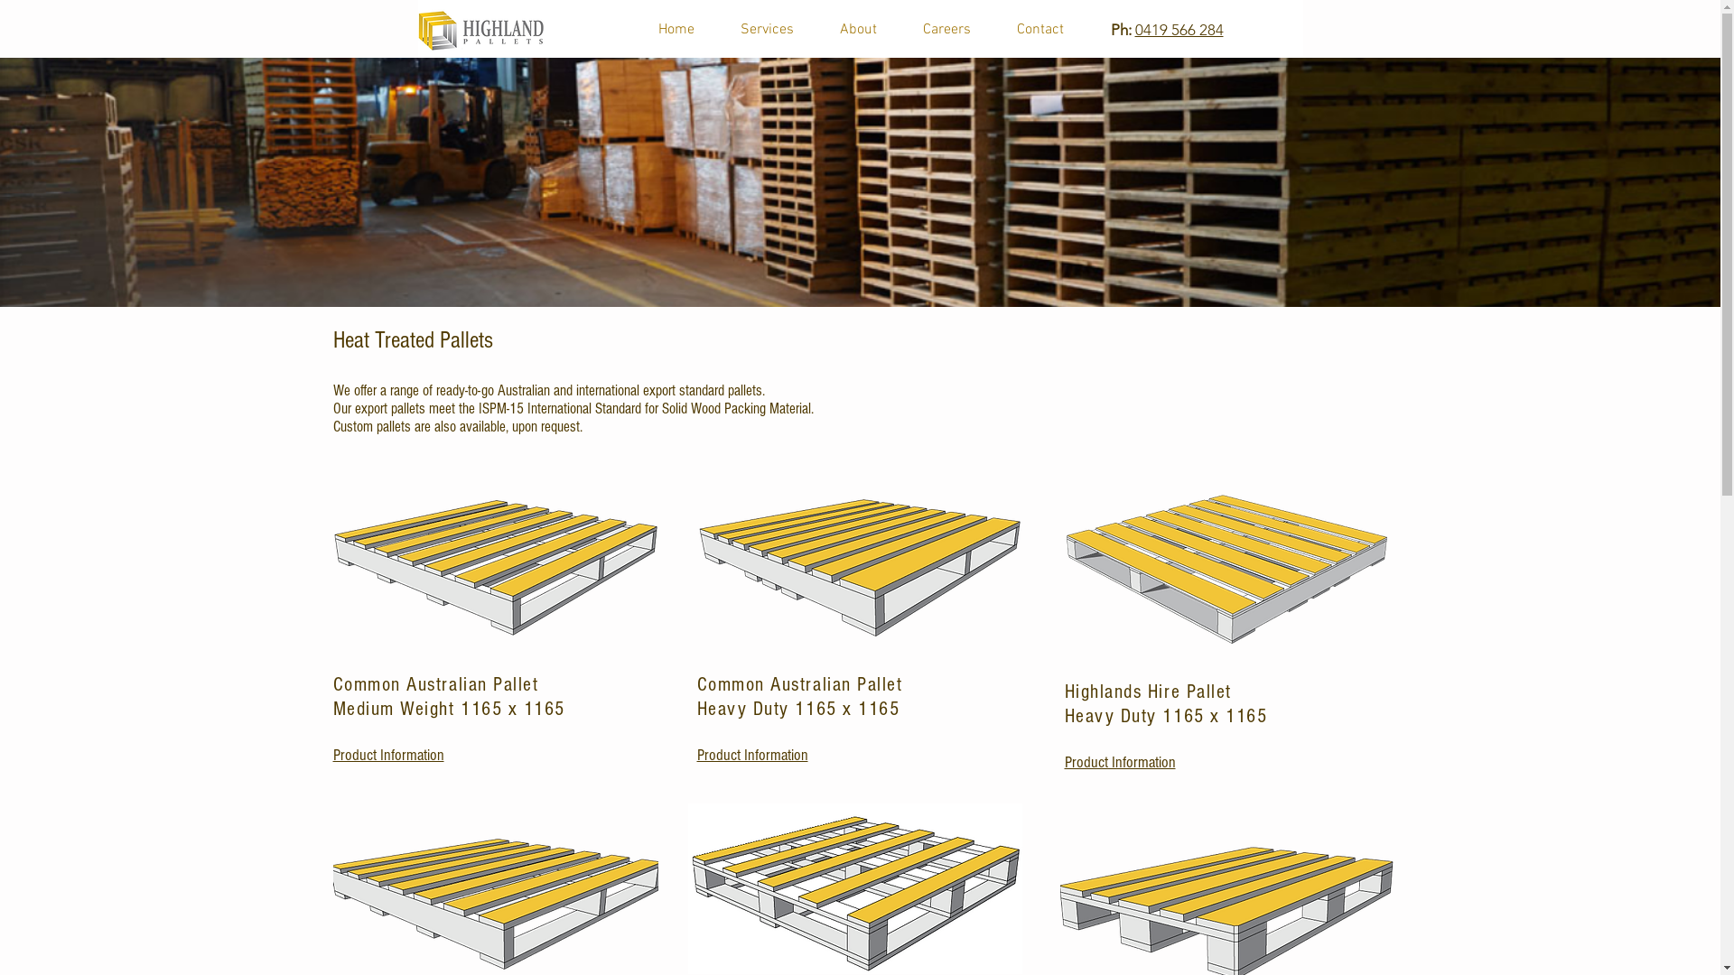 The width and height of the screenshot is (1734, 975). What do you see at coordinates (332, 755) in the screenshot?
I see `'Product Information'` at bounding box center [332, 755].